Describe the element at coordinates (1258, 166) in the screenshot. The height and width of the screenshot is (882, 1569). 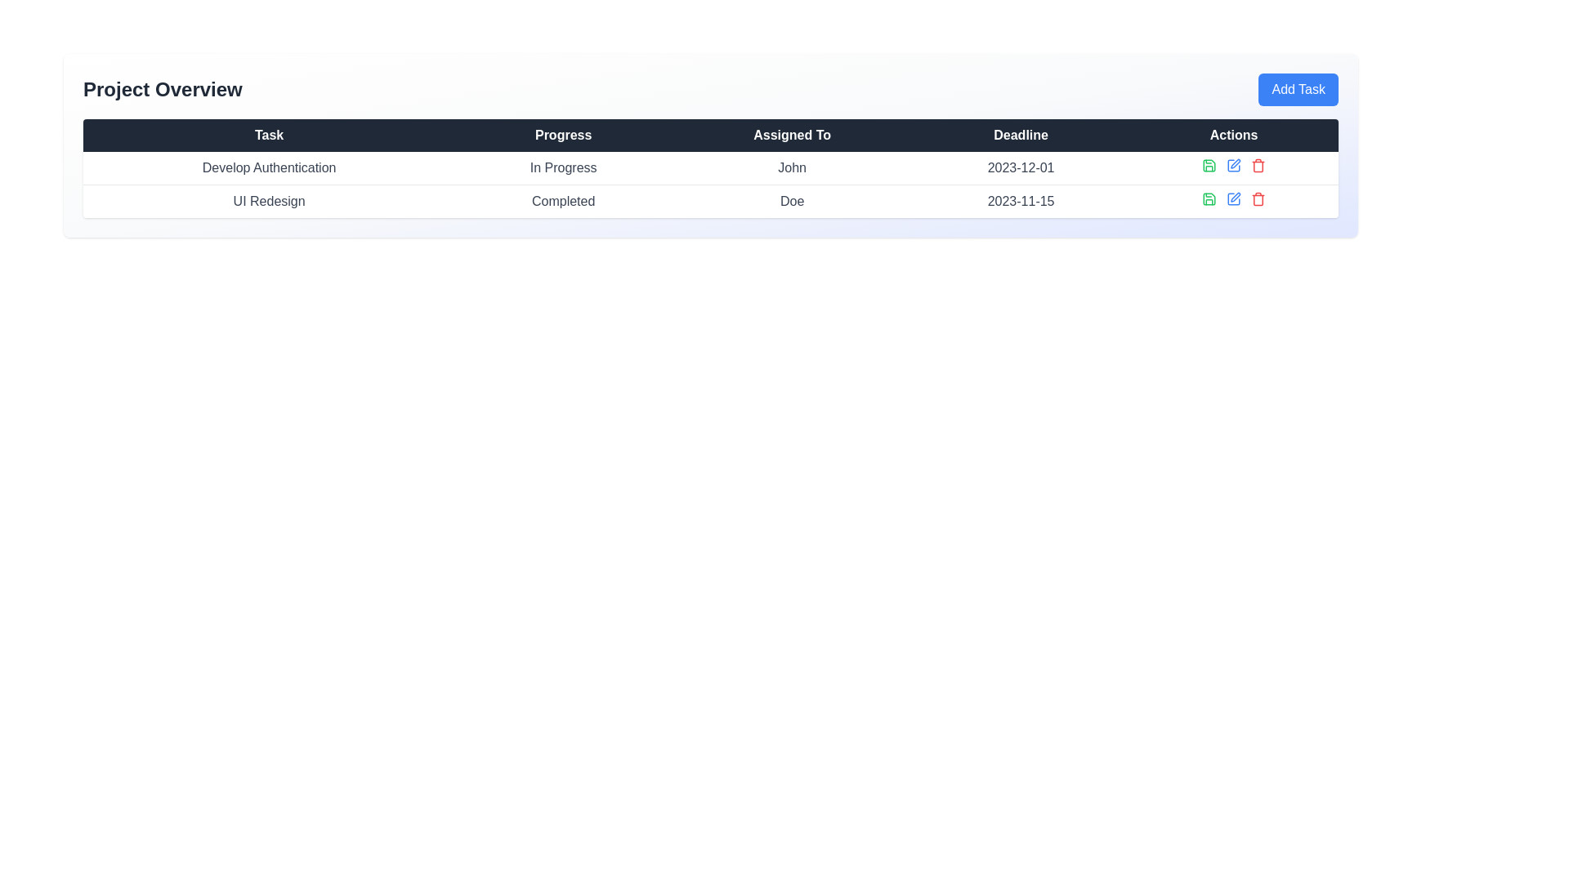
I see `the red trash can icon button located at the far right within the row of action icons in the table, which represents a delete action` at that location.